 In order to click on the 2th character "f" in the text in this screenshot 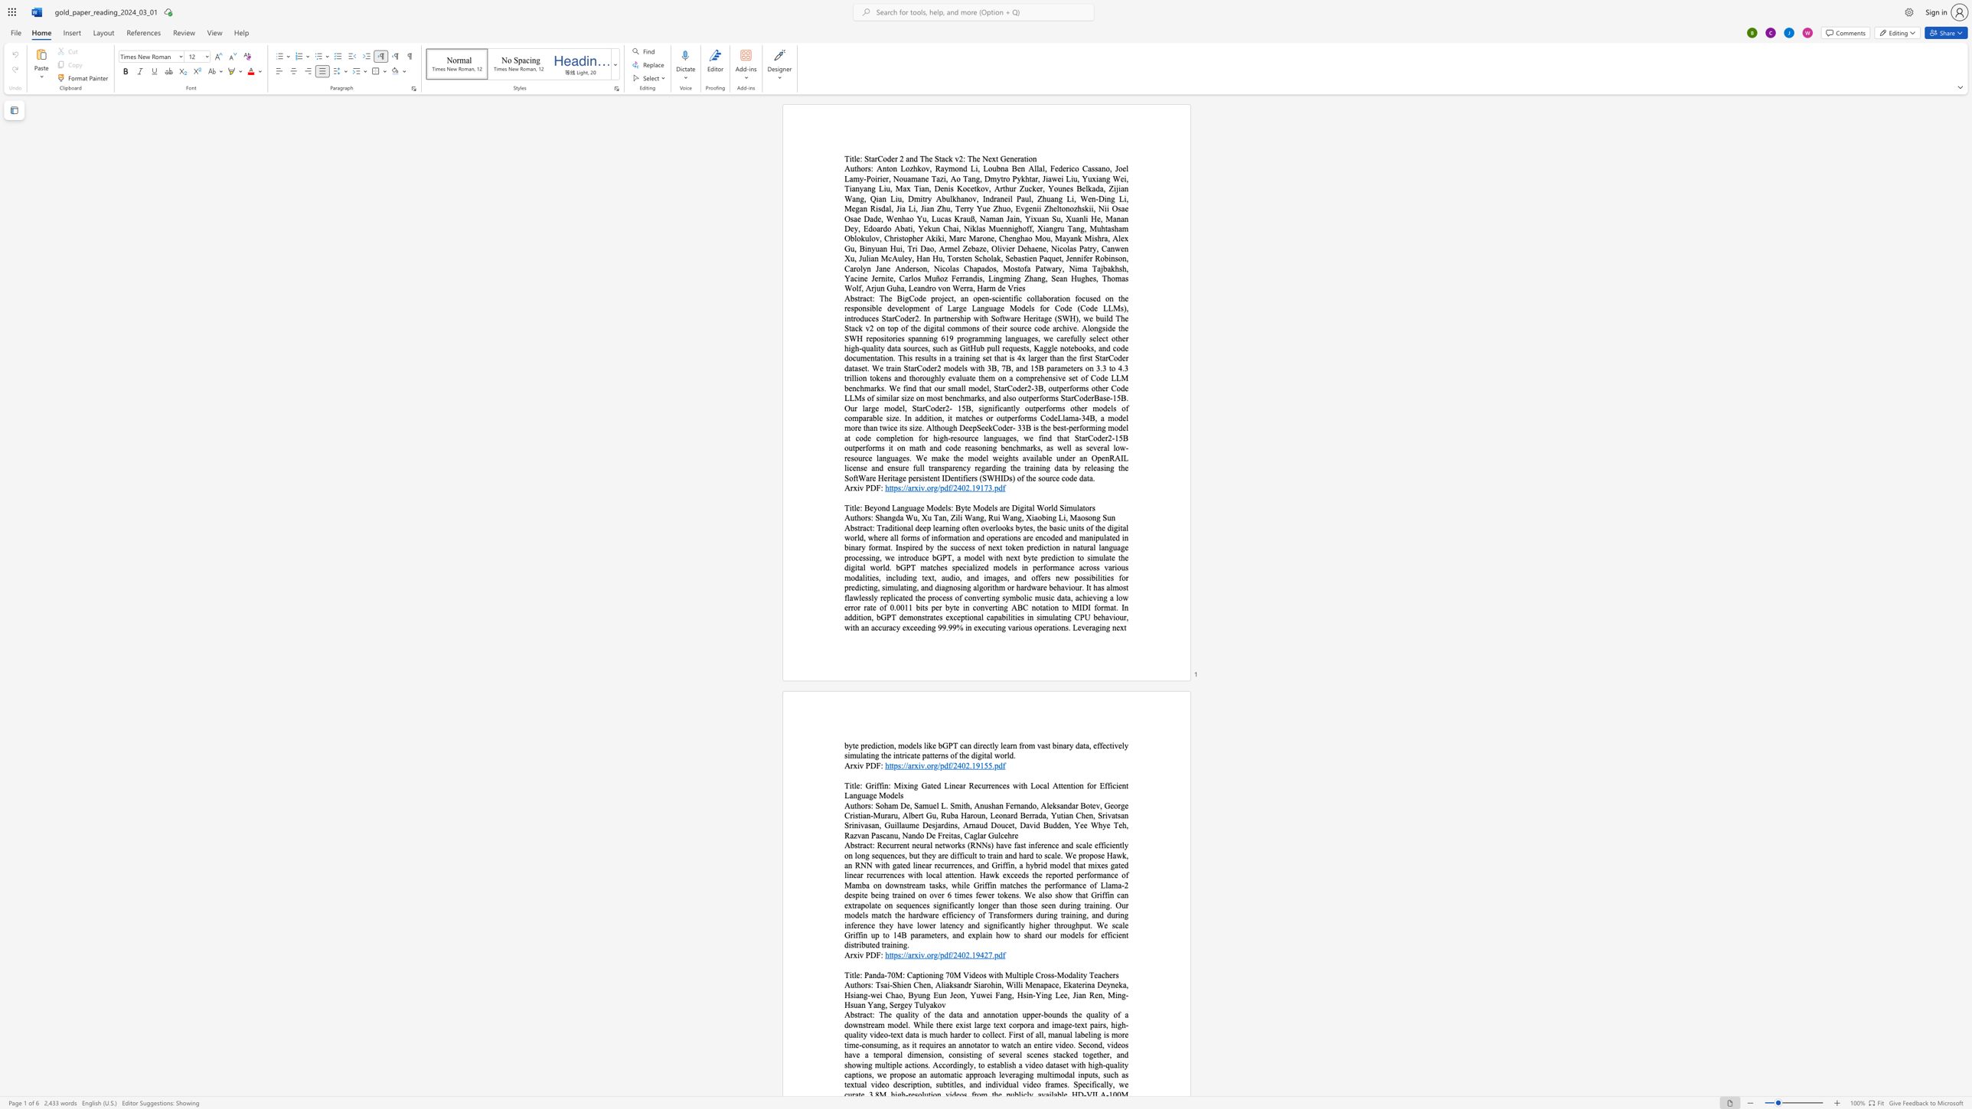, I will do `click(1004, 487)`.